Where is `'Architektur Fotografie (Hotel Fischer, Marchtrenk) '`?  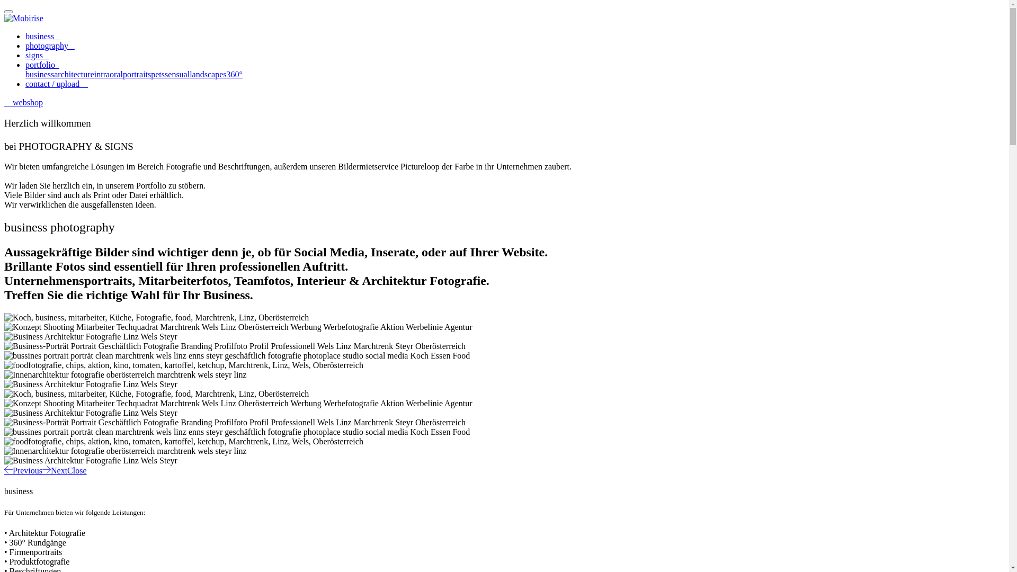
'Architektur Fotografie (Hotel Fischer, Marchtrenk) ' is located at coordinates (91, 384).